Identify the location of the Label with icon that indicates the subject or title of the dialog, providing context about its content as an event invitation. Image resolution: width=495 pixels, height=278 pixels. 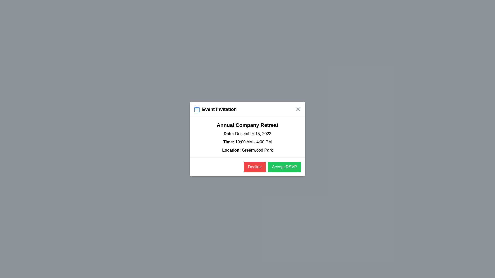
(215, 109).